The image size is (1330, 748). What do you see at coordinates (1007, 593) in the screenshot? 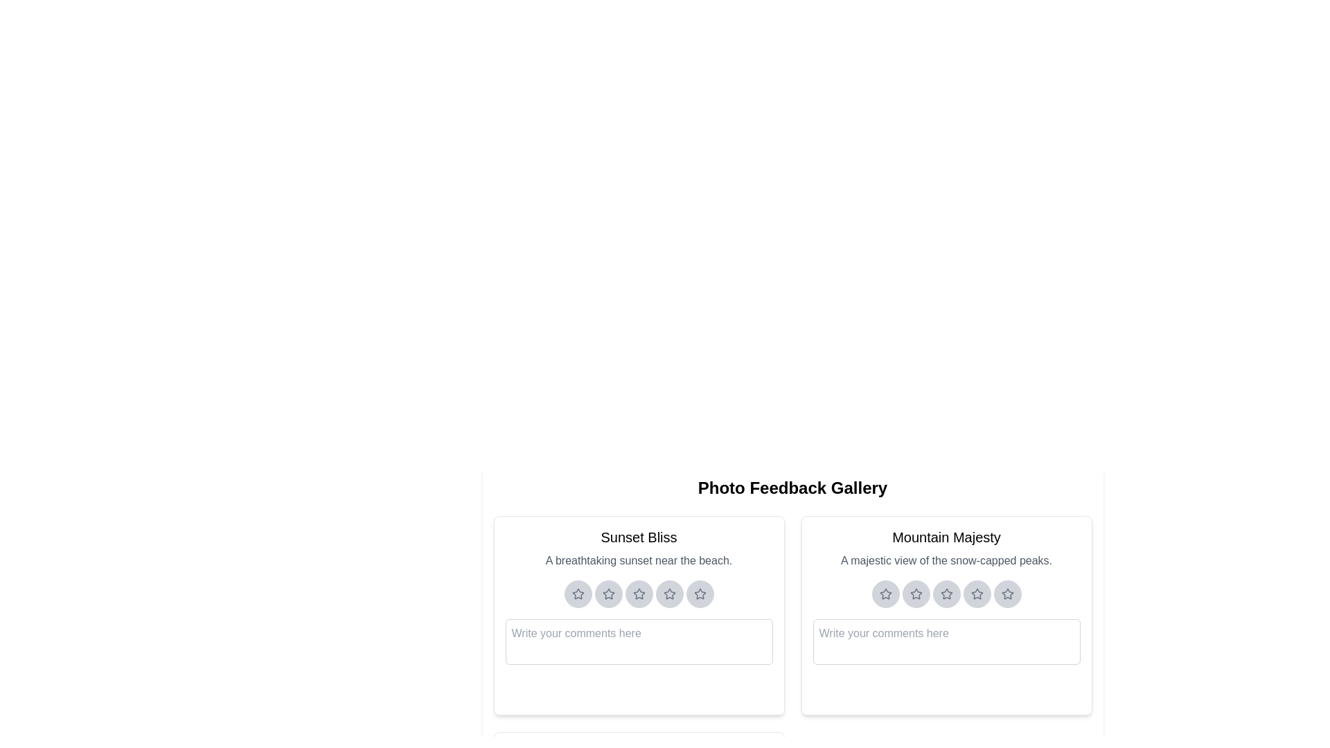
I see `the fifth outlined gray star icon in the 'Mountain Majesty' feedback section to visualize interactivity` at bounding box center [1007, 593].